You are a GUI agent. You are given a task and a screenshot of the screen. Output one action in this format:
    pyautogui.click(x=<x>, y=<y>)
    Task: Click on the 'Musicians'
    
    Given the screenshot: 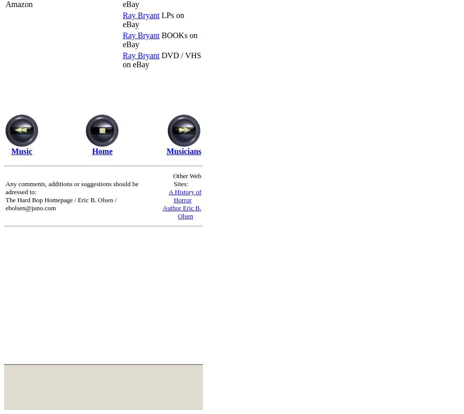 What is the action you would take?
    pyautogui.click(x=183, y=151)
    